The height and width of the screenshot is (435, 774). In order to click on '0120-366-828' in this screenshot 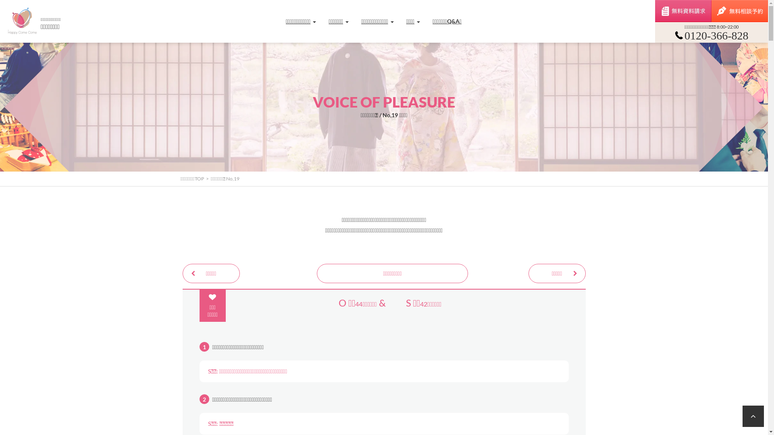, I will do `click(712, 39)`.